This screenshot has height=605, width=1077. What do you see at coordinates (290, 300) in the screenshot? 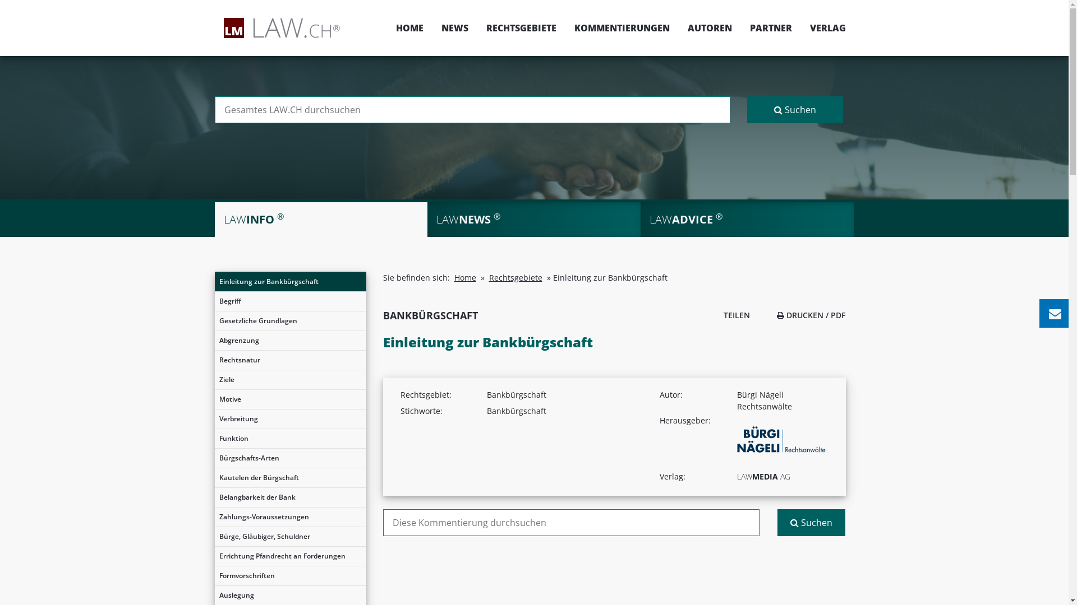
I see `'Begriff'` at bounding box center [290, 300].